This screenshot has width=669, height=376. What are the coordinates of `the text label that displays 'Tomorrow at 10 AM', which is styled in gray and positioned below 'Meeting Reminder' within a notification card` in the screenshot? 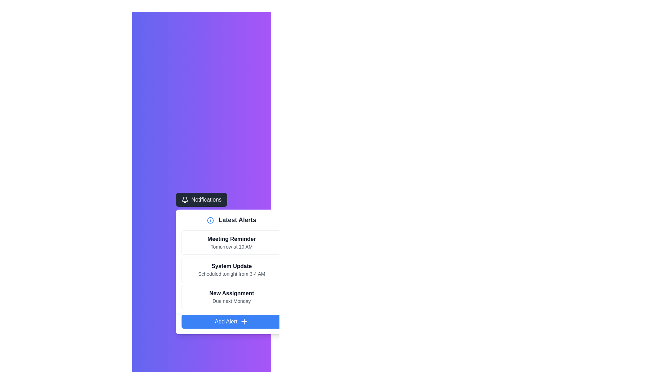 It's located at (231, 246).